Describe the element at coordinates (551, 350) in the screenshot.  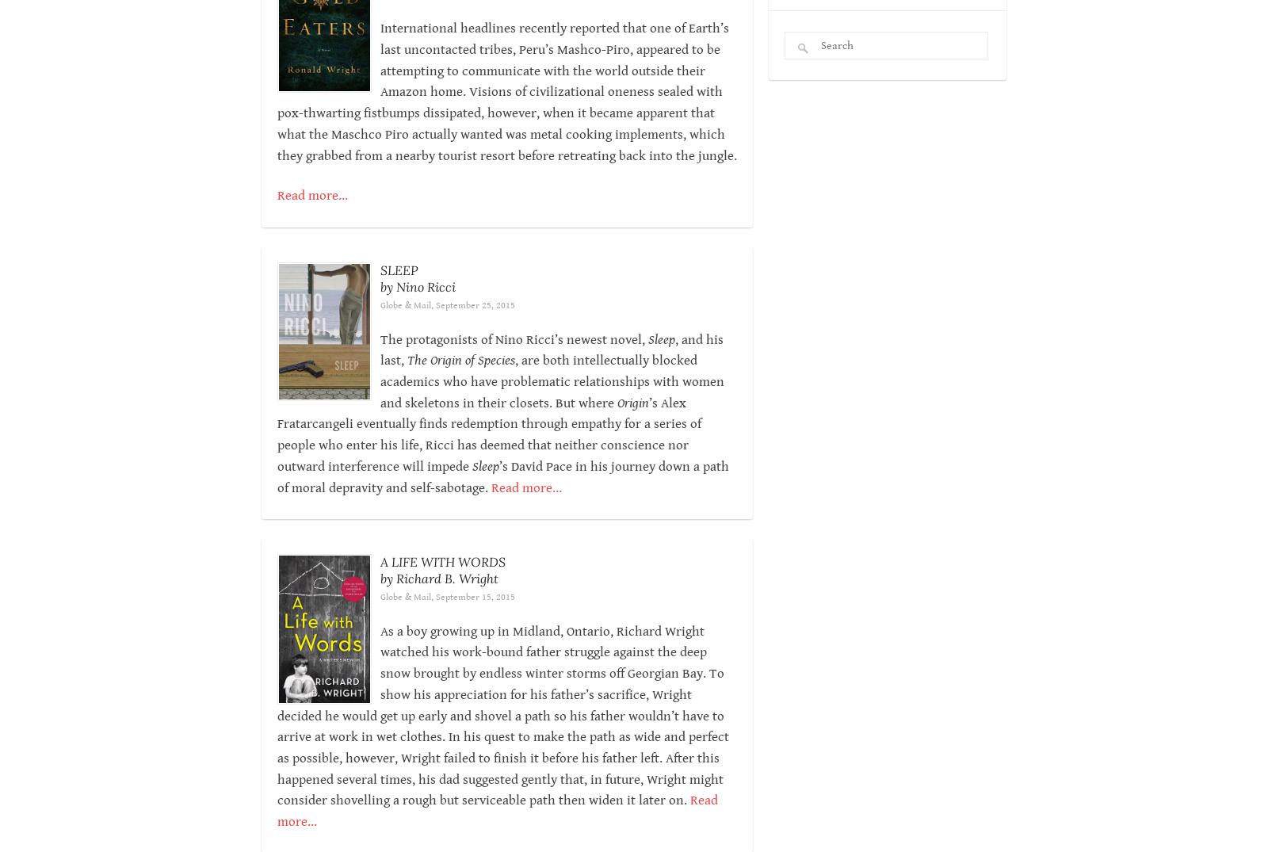
I see `', and his last,'` at that location.